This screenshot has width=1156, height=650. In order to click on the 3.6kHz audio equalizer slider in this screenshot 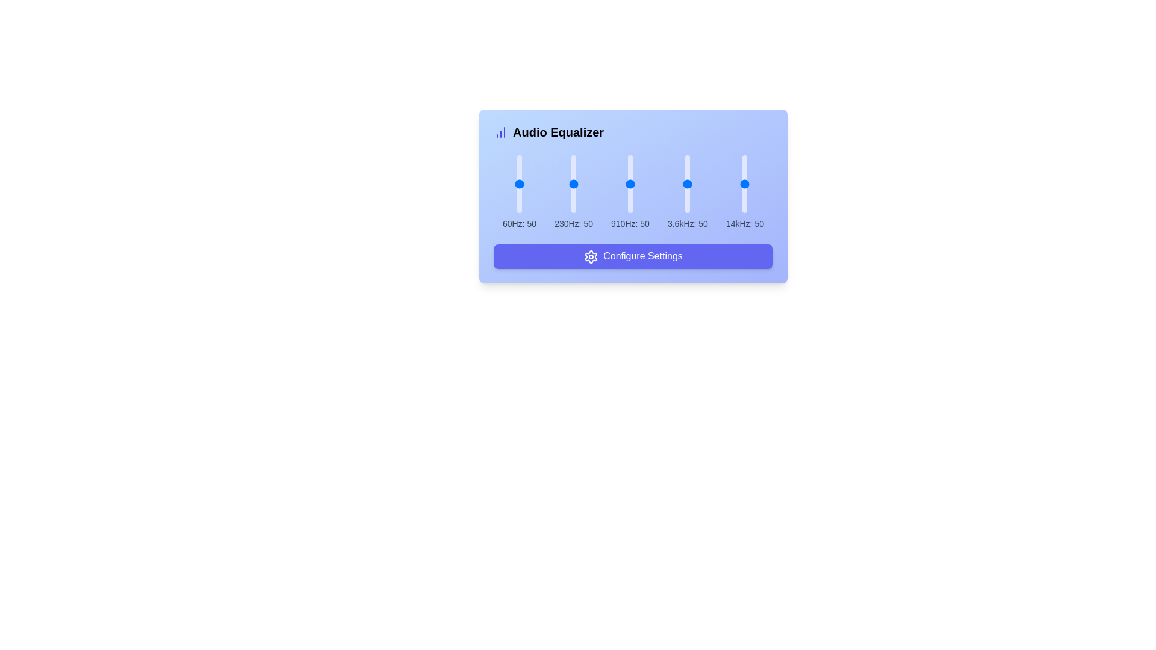, I will do `click(688, 173)`.